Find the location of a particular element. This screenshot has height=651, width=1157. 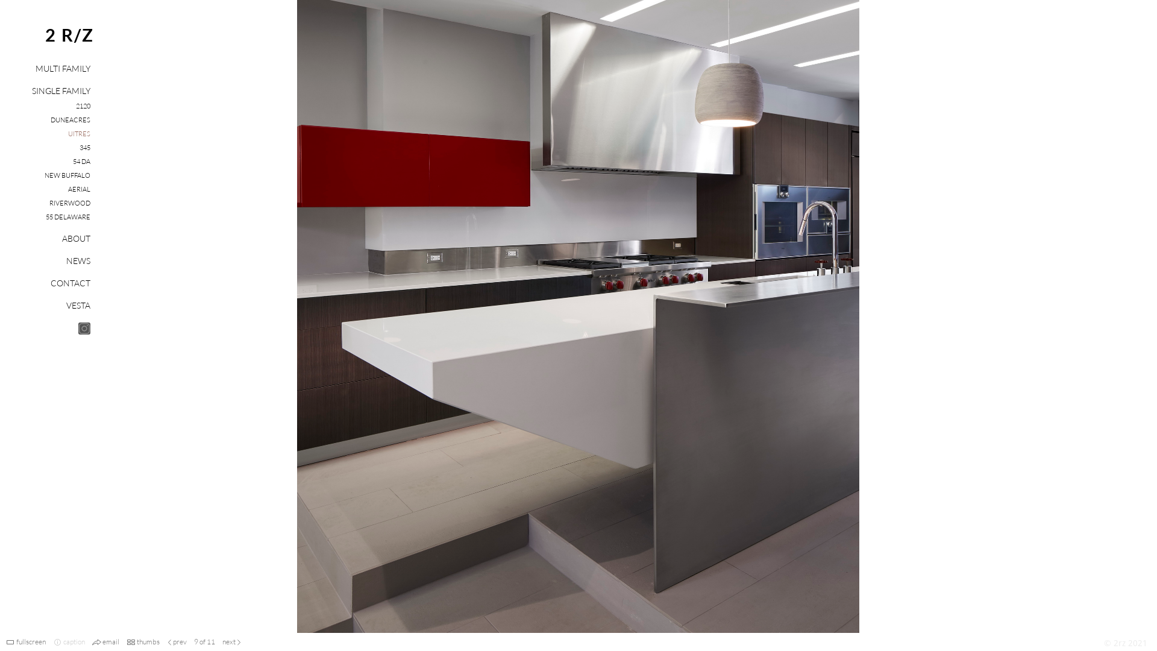

'thumbs' is located at coordinates (147, 640).